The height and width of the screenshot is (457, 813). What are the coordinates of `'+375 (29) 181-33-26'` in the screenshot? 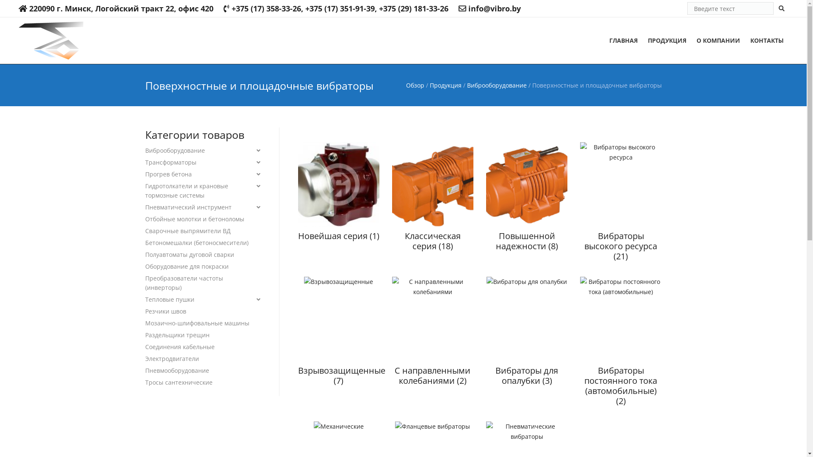 It's located at (414, 8).